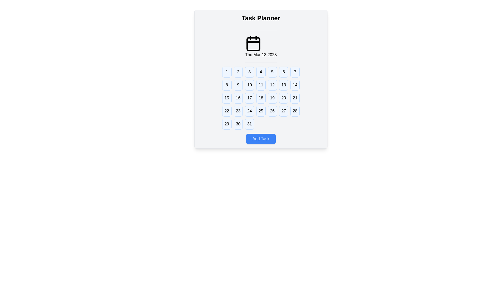 The height and width of the screenshot is (281, 499). I want to click on the grid cell button styled as a rounded rectangular button with a light blue background that contains the number '3' in bold black text, located in the second column of the first row in the grid layout, so click(249, 72).